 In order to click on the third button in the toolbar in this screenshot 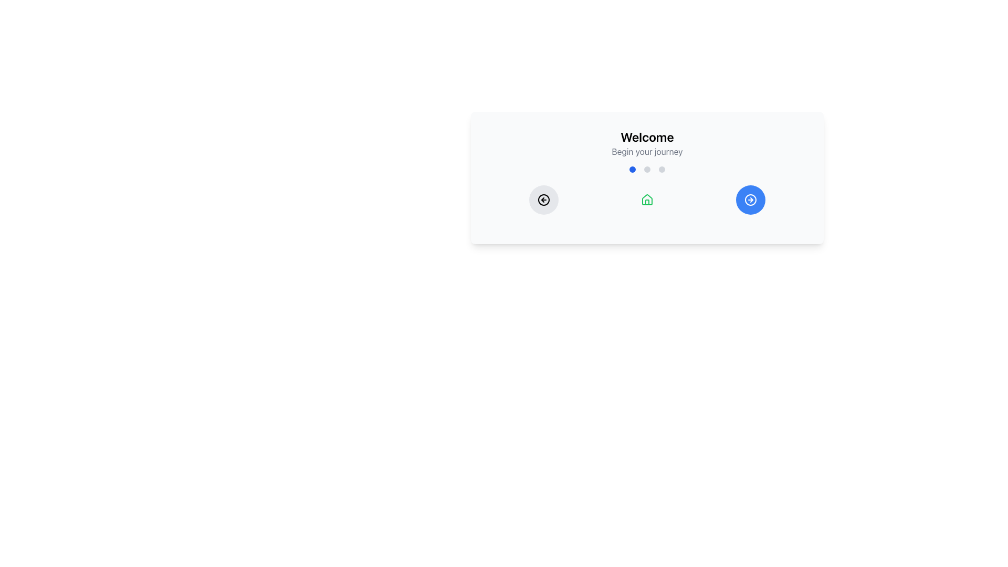, I will do `click(750, 200)`.